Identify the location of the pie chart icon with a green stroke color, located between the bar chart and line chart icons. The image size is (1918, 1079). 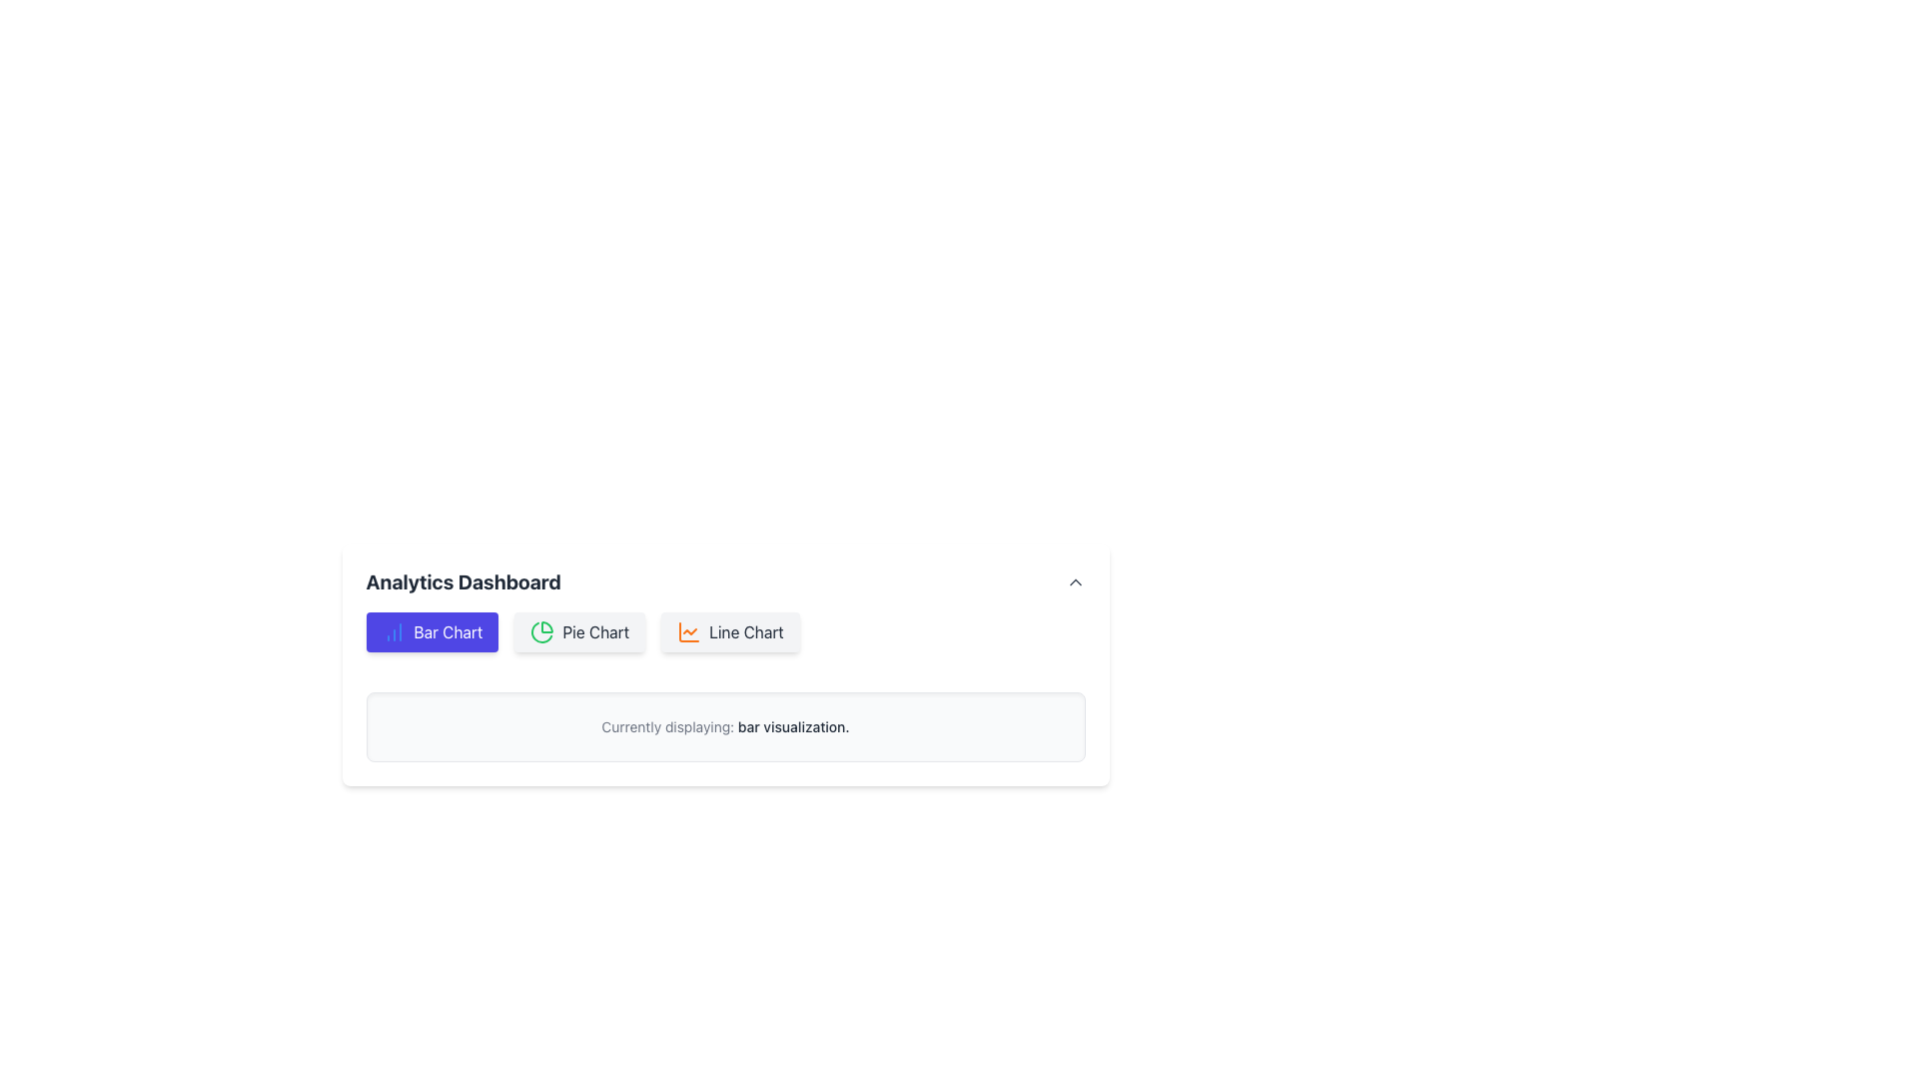
(541, 632).